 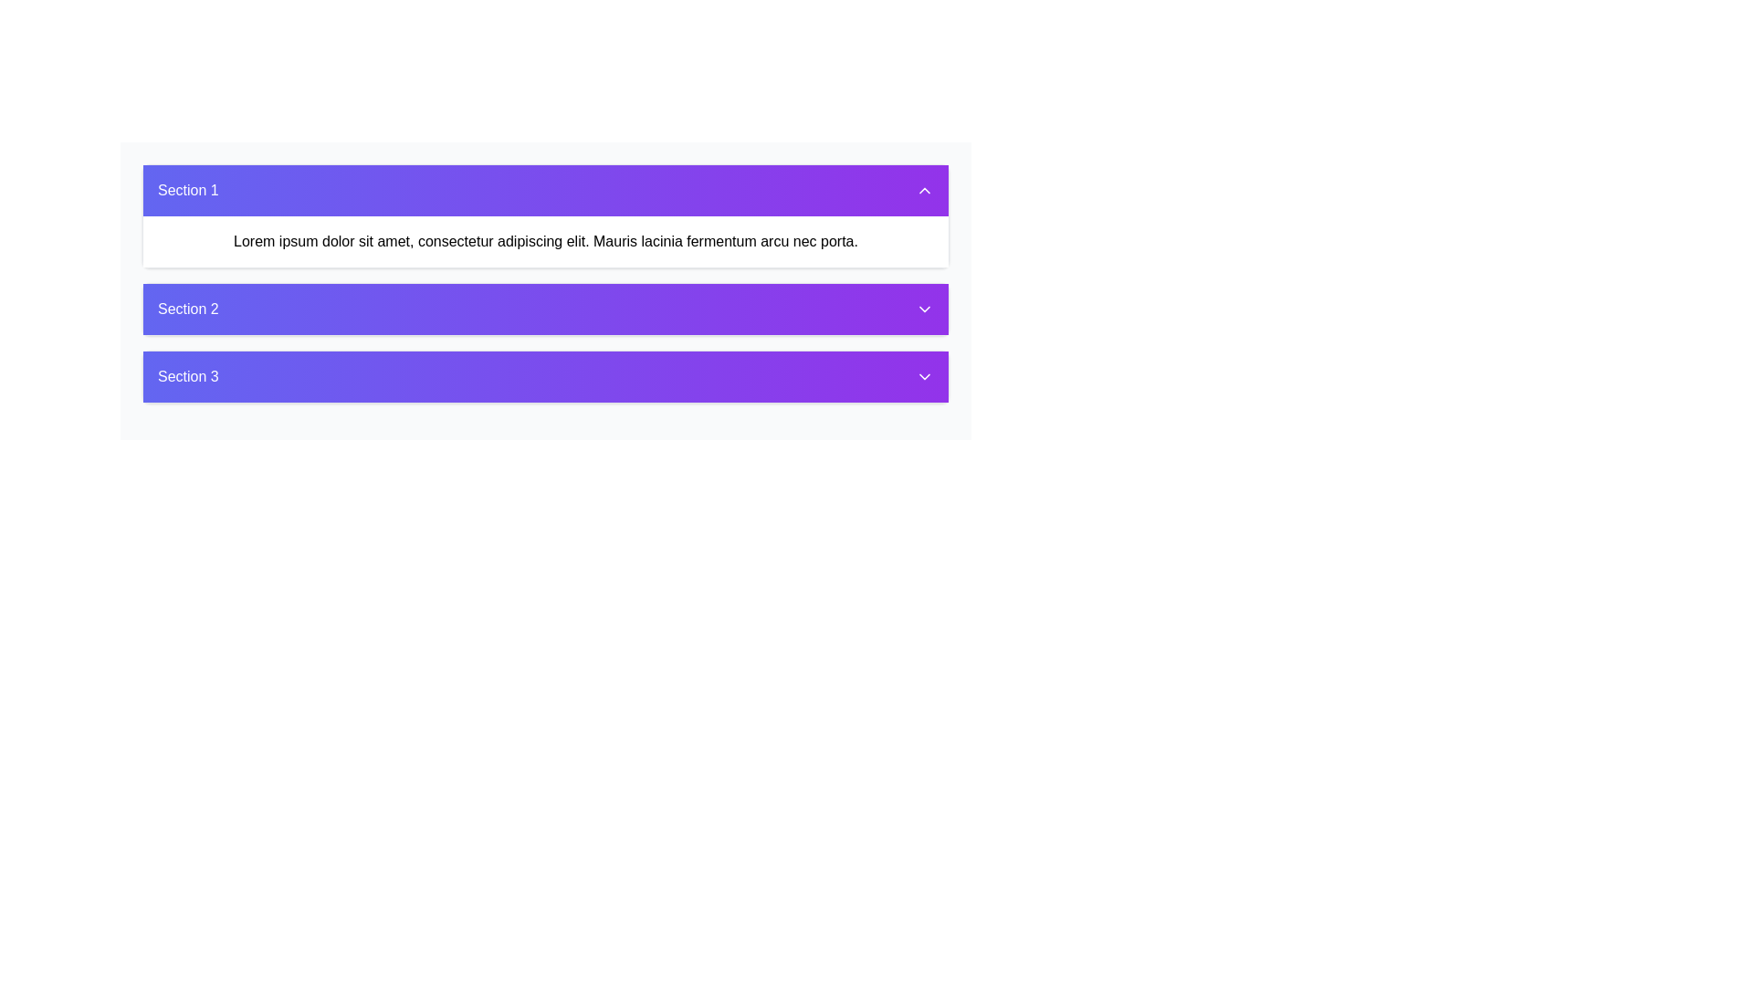 What do you see at coordinates (924, 190) in the screenshot?
I see `the toggle icon in the header of Section 1` at bounding box center [924, 190].